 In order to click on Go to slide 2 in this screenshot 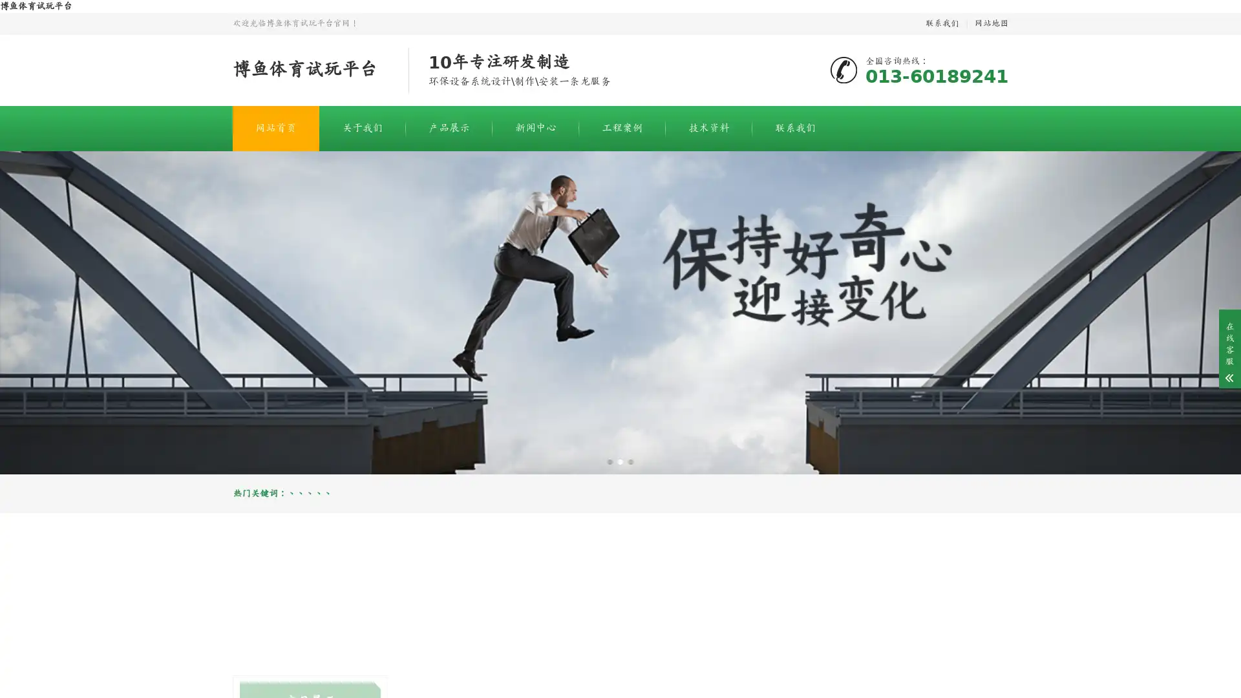, I will do `click(620, 461)`.